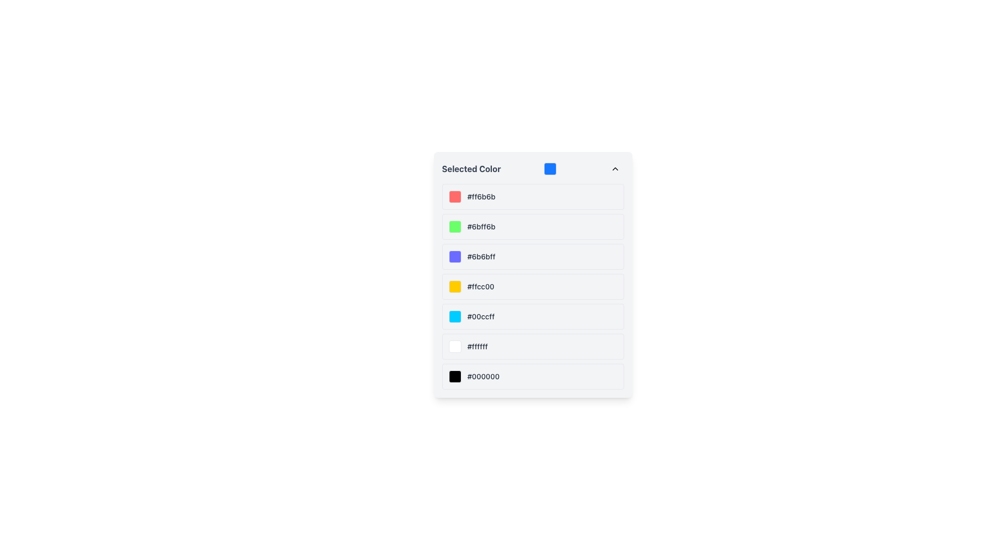  What do you see at coordinates (481, 226) in the screenshot?
I see `the static text displaying the color code '#6bff6b' in light gray font, located in the second row of color options, next to the green square icon` at bounding box center [481, 226].